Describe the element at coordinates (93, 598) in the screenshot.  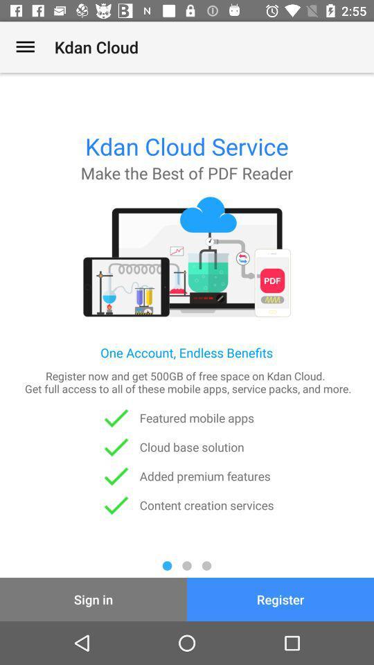
I see `item next to register icon` at that location.